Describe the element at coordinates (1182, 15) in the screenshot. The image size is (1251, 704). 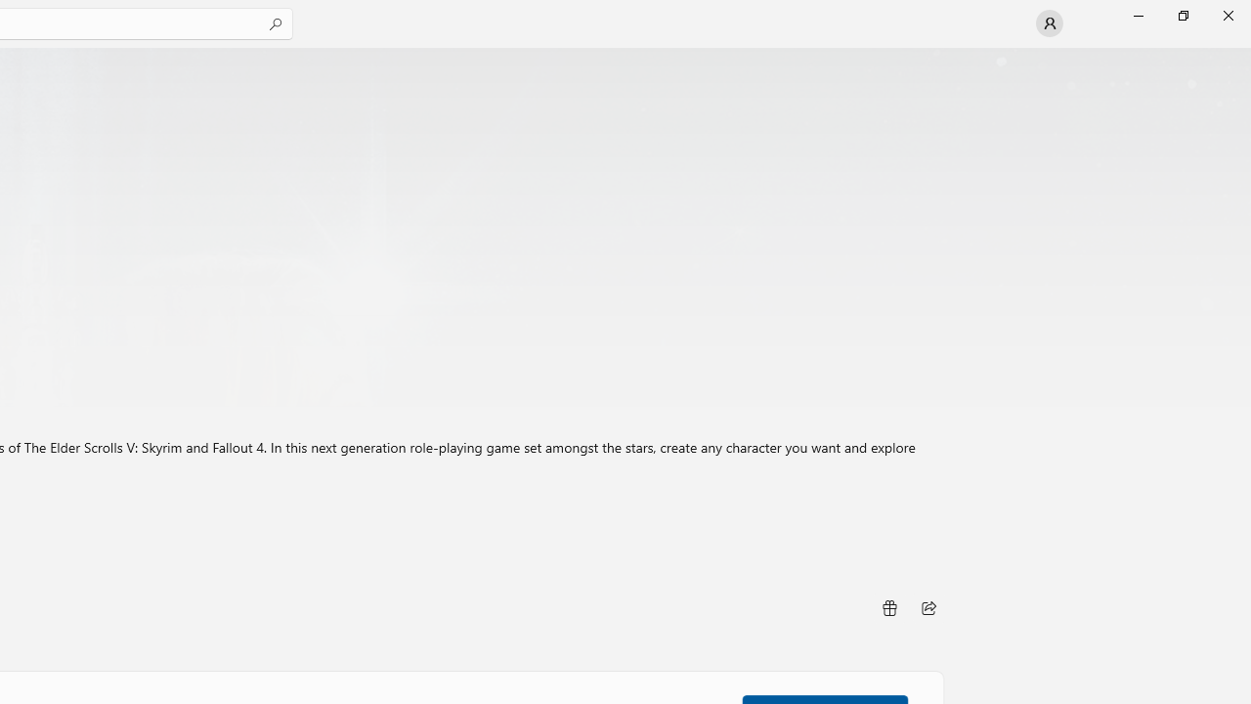
I see `'Restore Microsoft Store'` at that location.